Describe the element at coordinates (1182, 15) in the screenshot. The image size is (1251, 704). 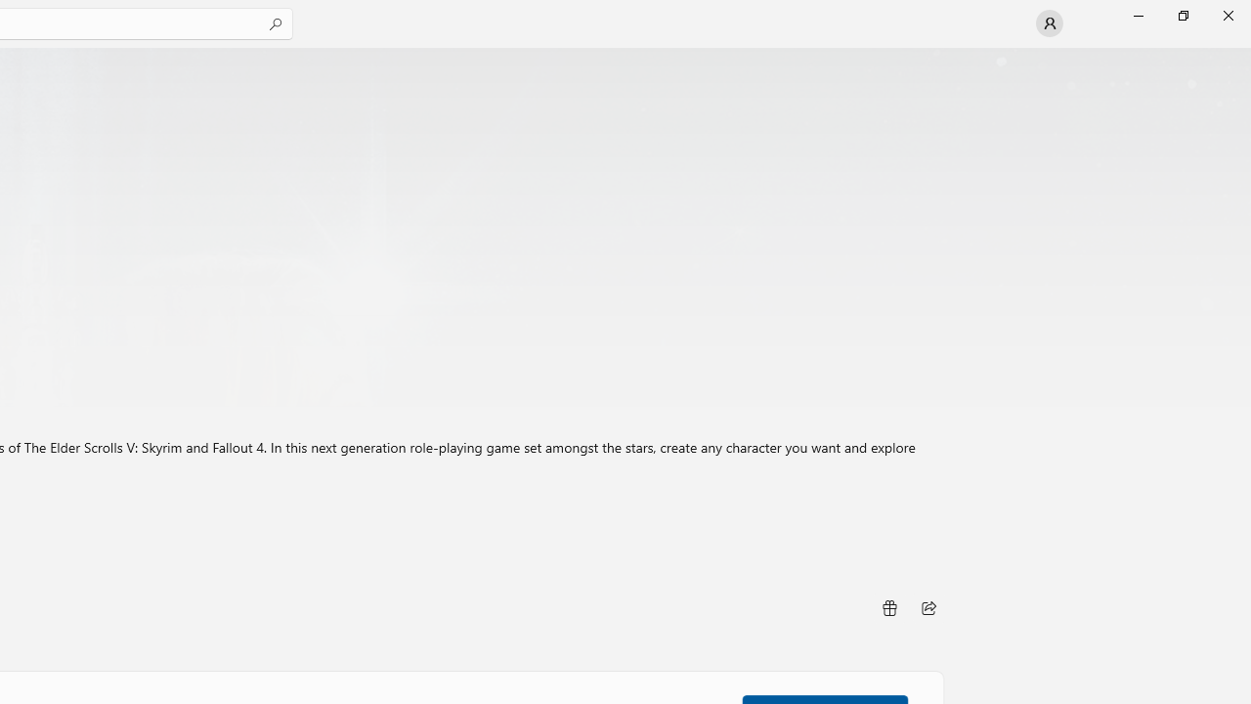
I see `'Restore Microsoft Store'` at that location.